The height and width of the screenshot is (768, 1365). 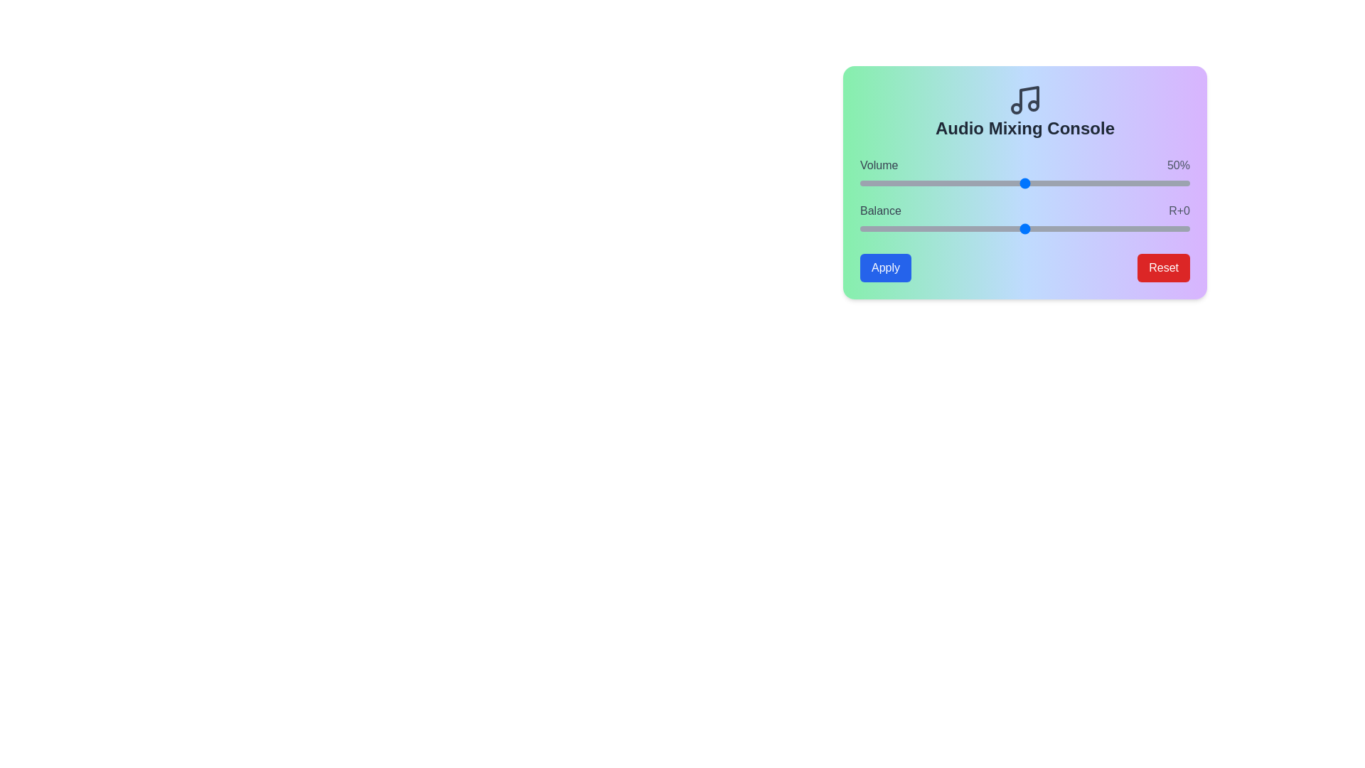 What do you see at coordinates (1164, 268) in the screenshot?
I see `the 'Reset' button` at bounding box center [1164, 268].